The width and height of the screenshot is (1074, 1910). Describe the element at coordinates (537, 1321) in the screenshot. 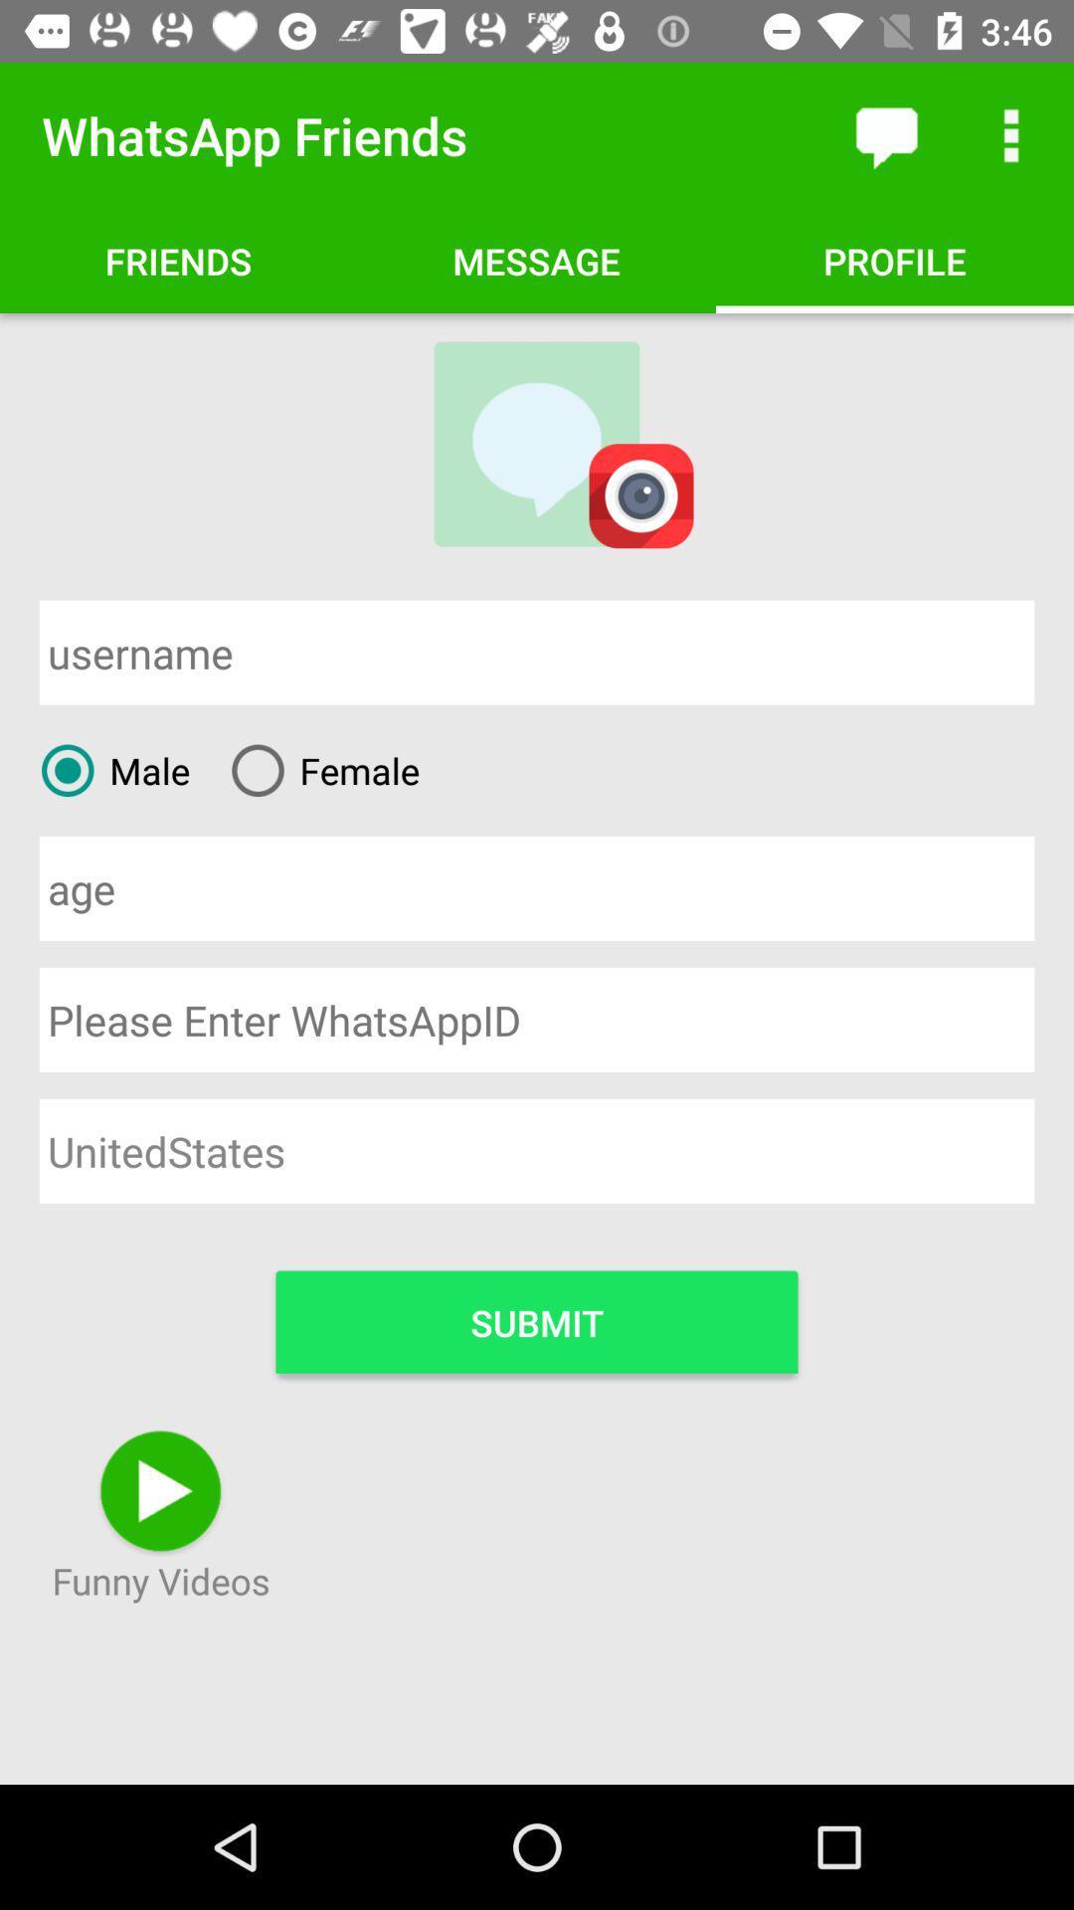

I see `icon below the unitedstates icon` at that location.